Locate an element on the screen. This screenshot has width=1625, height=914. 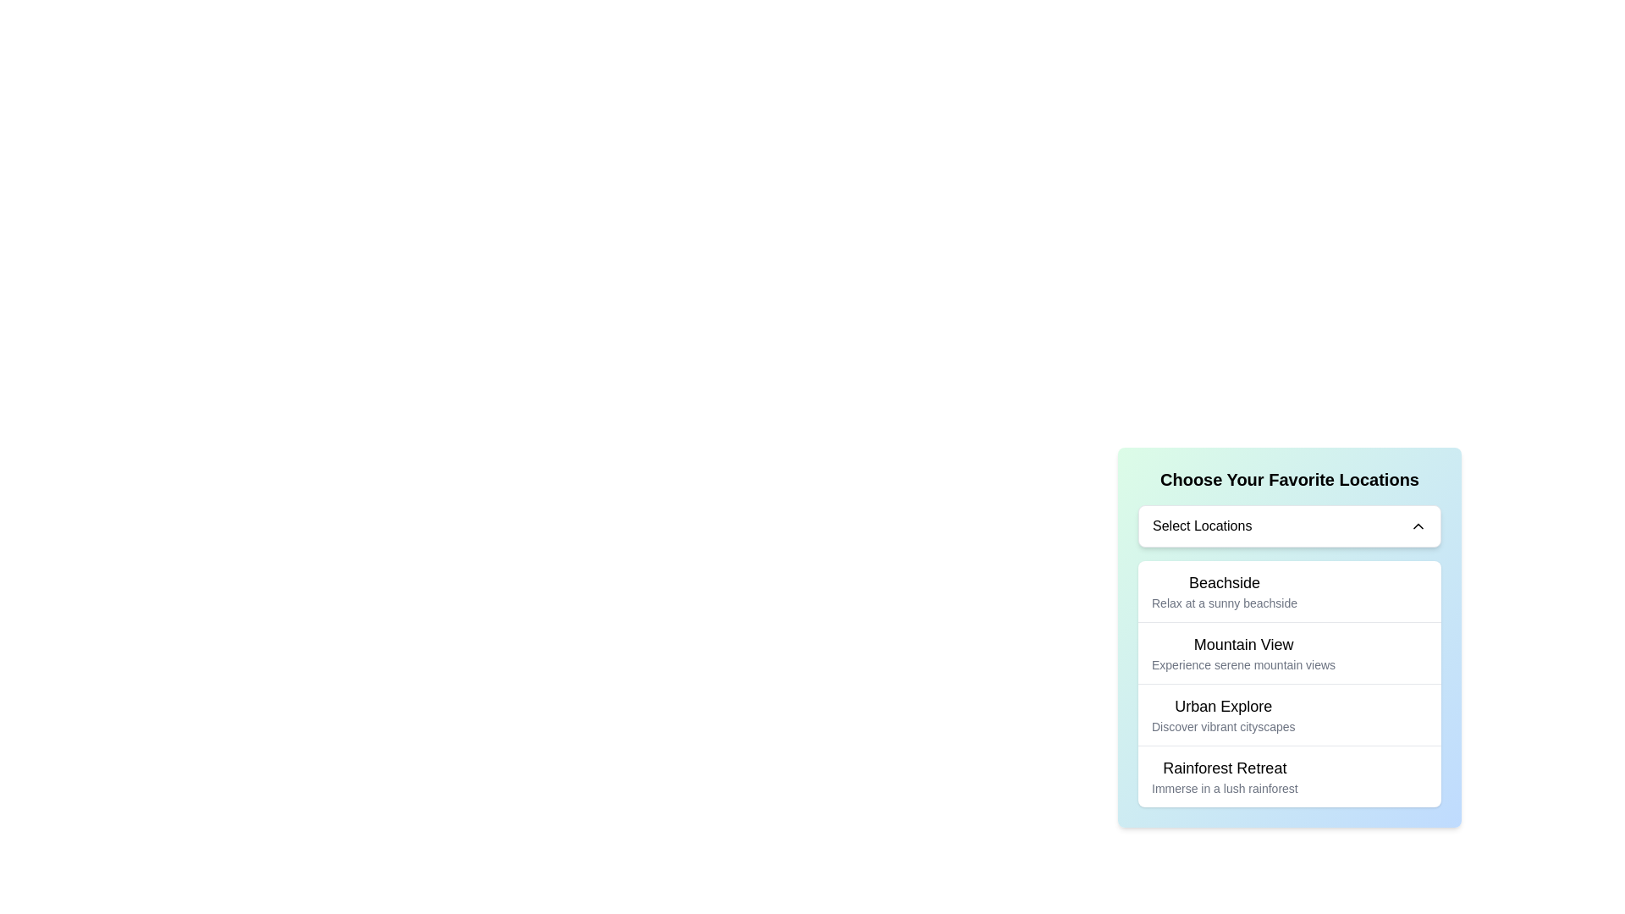
the text label displaying 'Relax at a sunny beachside', which is positioned below the 'Beachside' label in the list of location options under 'Choose Your Favorite Locations' is located at coordinates (1224, 603).